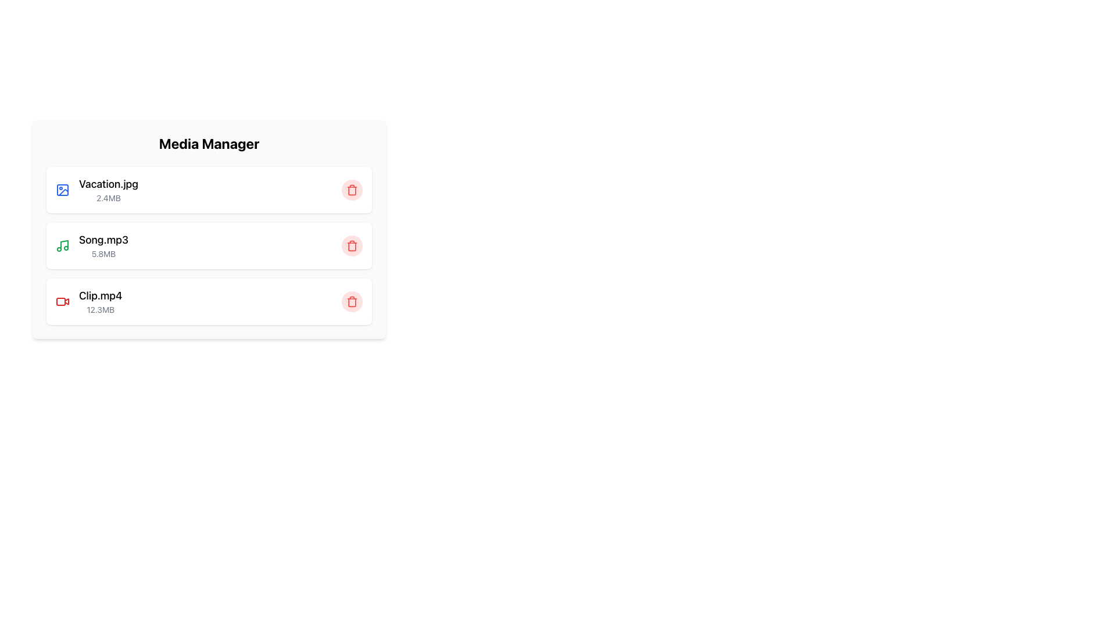 Image resolution: width=1116 pixels, height=628 pixels. I want to click on file name 'Vacation.jpg' displayed in a large font above the file size '2.4MB' in the media manager interface, so click(109, 183).